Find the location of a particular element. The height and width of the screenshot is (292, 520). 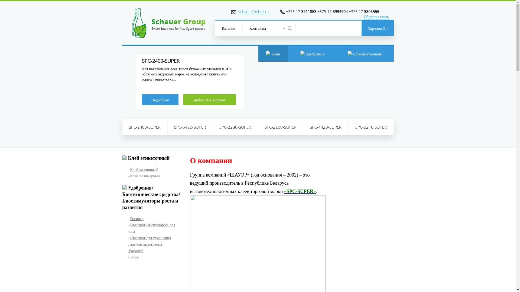

'SPC-2280-SUPER' is located at coordinates (213, 127).